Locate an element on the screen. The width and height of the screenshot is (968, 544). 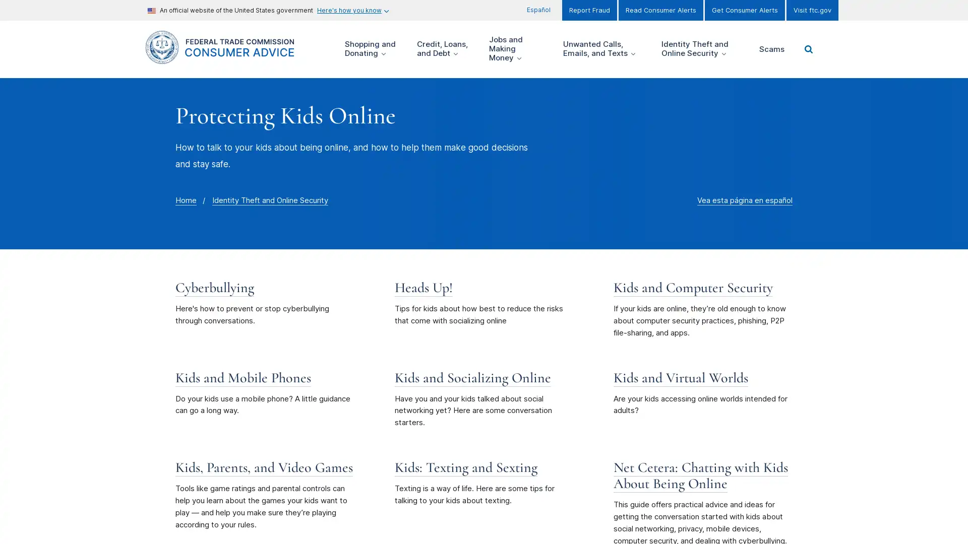
Show/hide Jobs and Making Money menu items is located at coordinates (519, 49).